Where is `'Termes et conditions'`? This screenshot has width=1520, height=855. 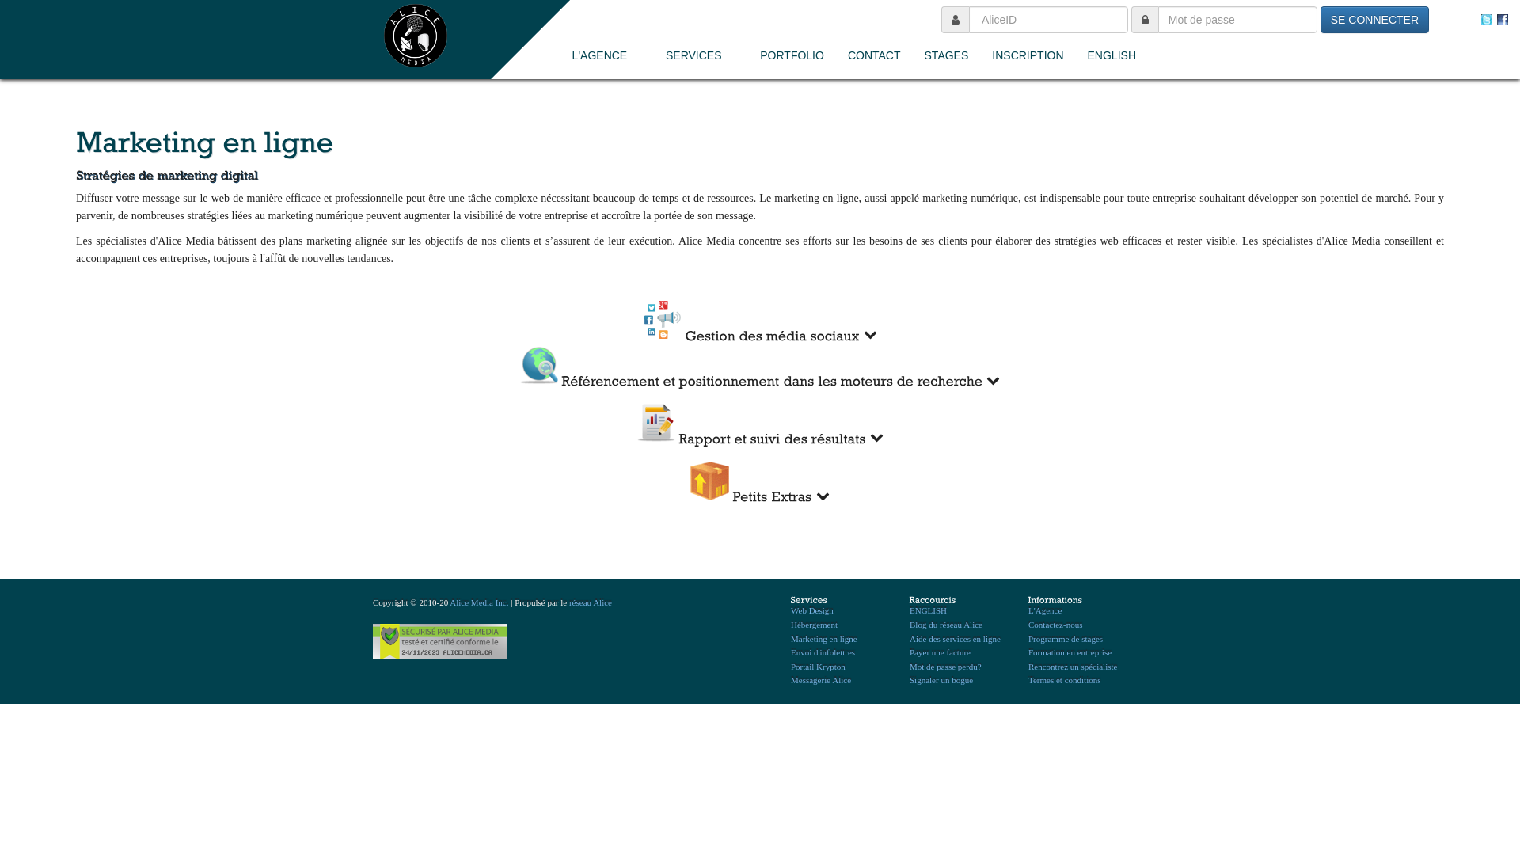 'Termes et conditions' is located at coordinates (1028, 679).